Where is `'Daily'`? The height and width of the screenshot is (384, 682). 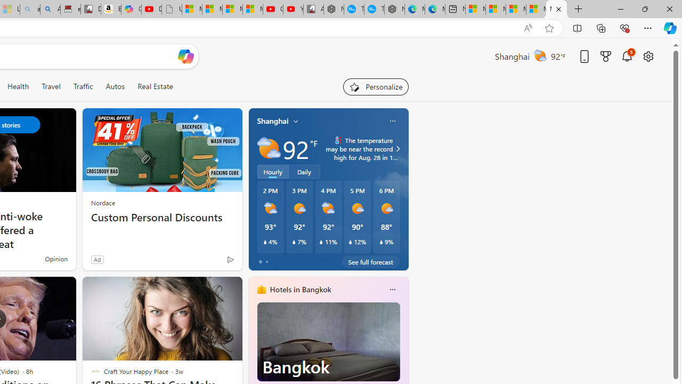
'Daily' is located at coordinates (304, 171).